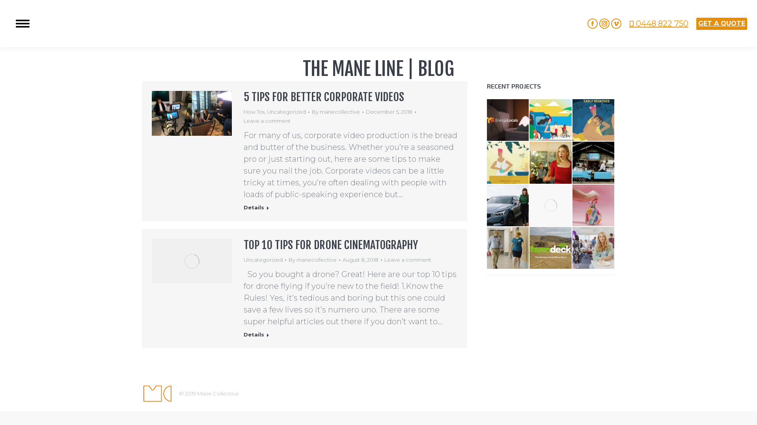 This screenshot has width=757, height=425. Describe the element at coordinates (331, 244) in the screenshot. I see `'TOP 10 TIPS FOR DRONE CINEMATOGRAPHY'` at that location.